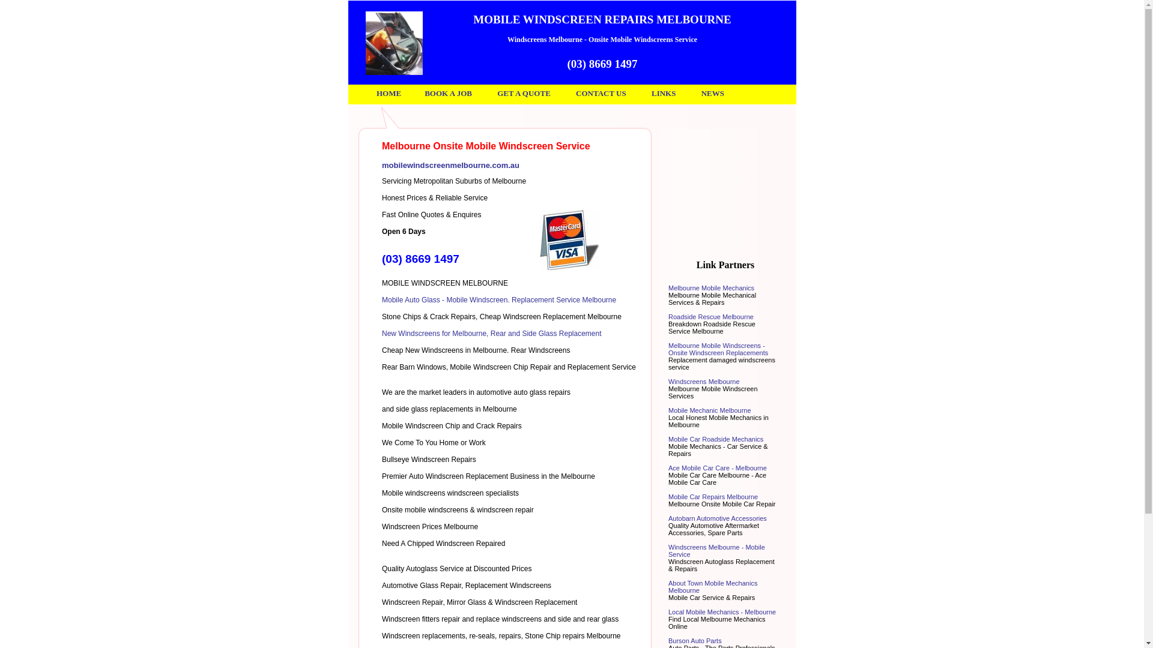  What do you see at coordinates (712, 586) in the screenshot?
I see `'About Town Mobile Mechanics Melbourne'` at bounding box center [712, 586].